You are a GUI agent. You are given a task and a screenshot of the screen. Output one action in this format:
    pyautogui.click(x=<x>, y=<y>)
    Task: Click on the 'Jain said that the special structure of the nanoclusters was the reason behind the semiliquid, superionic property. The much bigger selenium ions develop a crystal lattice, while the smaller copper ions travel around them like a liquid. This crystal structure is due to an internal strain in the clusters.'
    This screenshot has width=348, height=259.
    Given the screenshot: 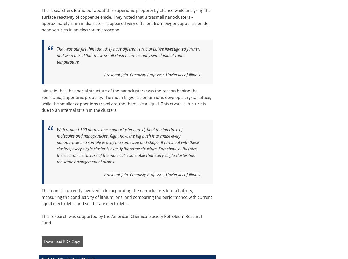 What is the action you would take?
    pyautogui.click(x=126, y=101)
    